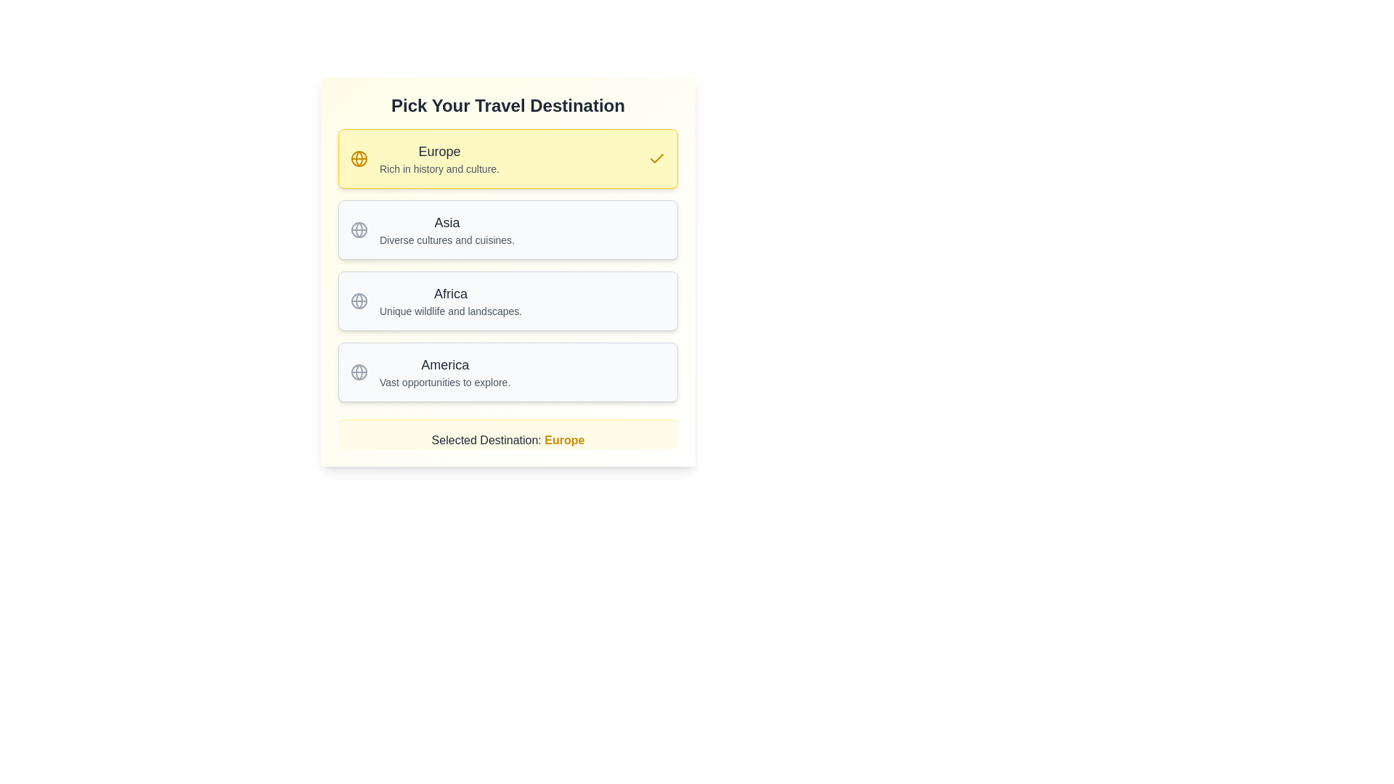 This screenshot has width=1394, height=784. Describe the element at coordinates (444, 364) in the screenshot. I see `text label for the travel destination 'America', which is the title of the fourth option in the list under 'Pick Your Travel Destination'` at that location.